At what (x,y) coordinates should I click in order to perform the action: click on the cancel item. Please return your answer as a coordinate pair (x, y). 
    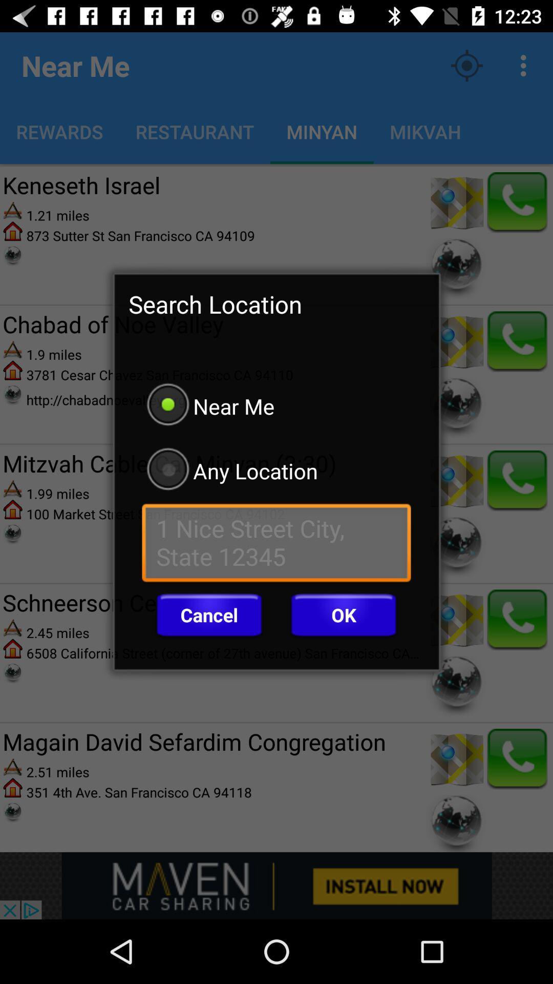
    Looking at the image, I should click on (208, 615).